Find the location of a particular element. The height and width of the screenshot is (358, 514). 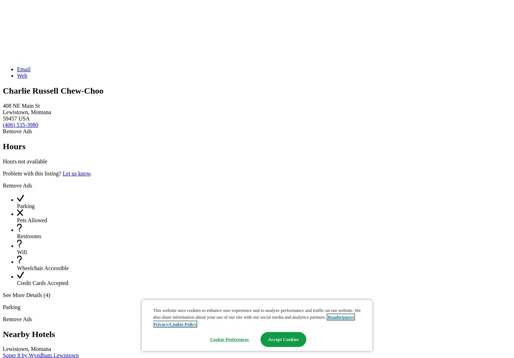

'Wheelchair Accessible' is located at coordinates (43, 267).